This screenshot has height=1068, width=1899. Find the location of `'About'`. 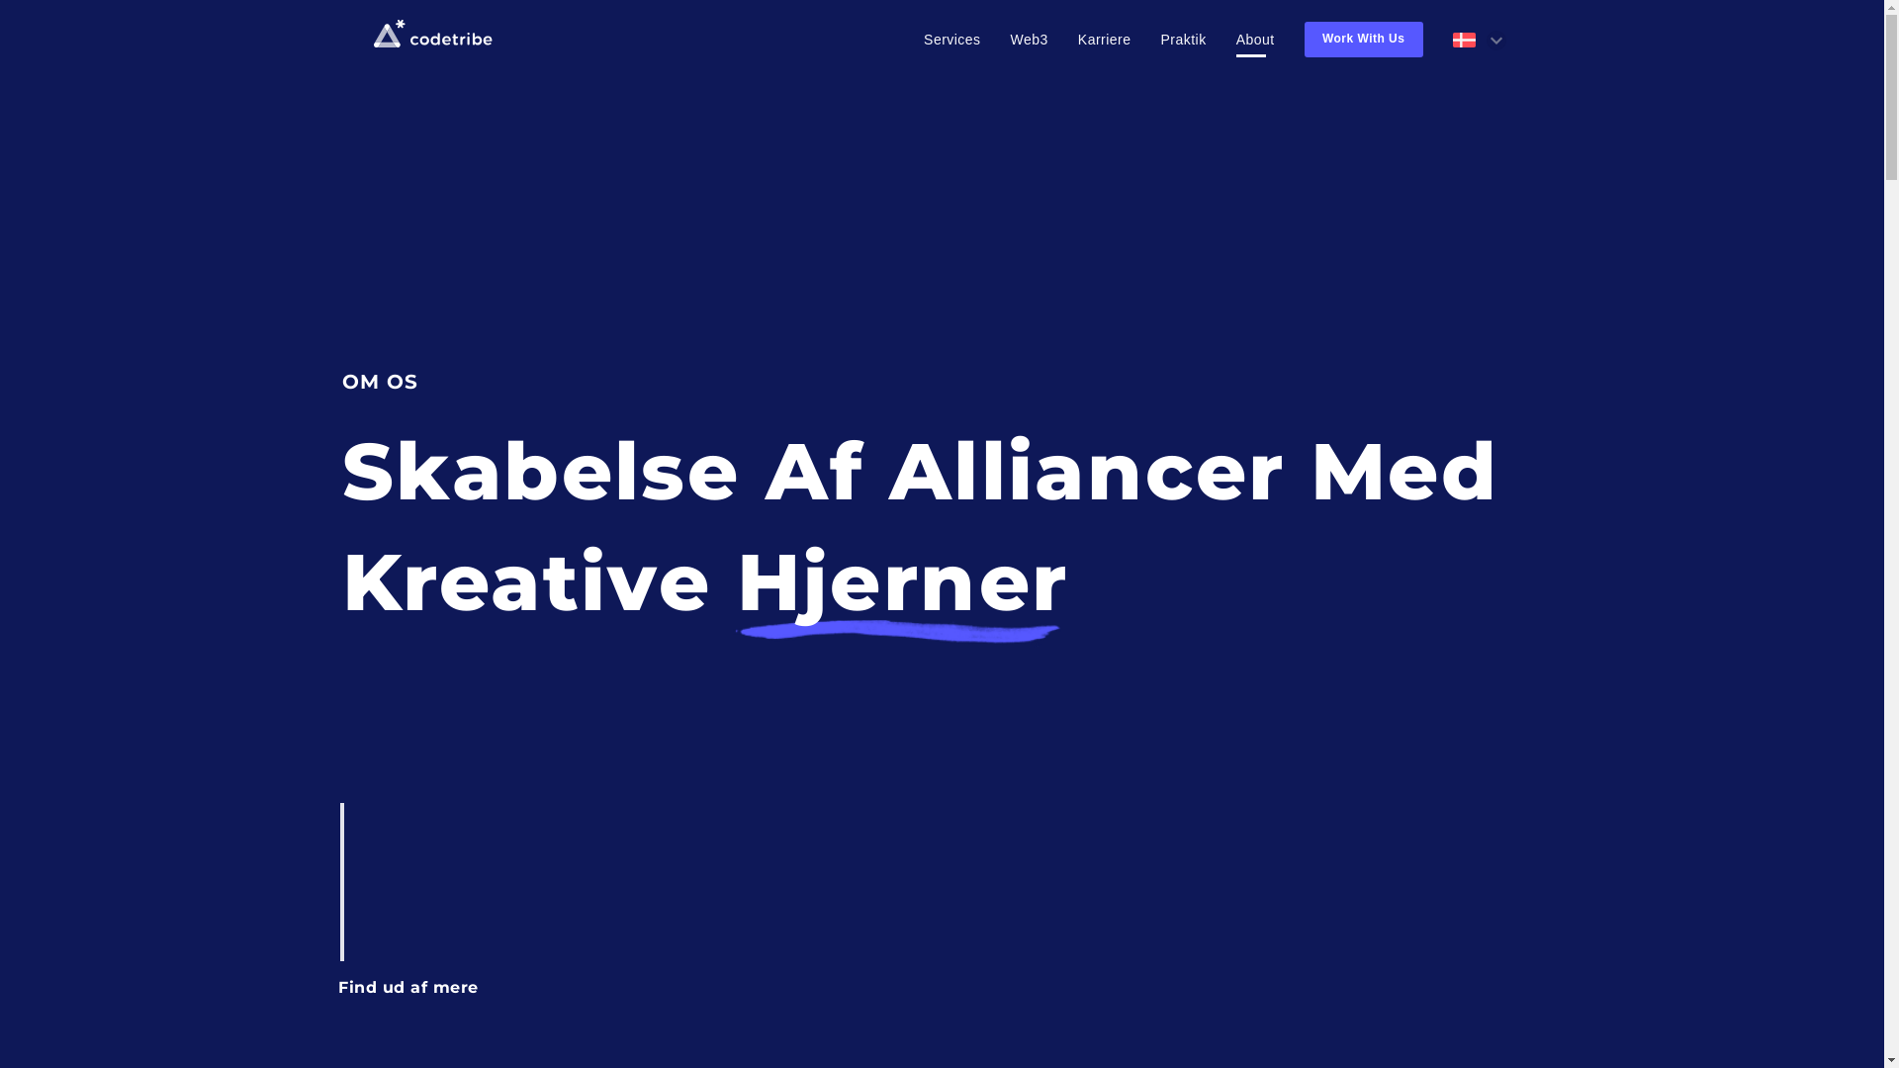

'About' is located at coordinates (1254, 39).